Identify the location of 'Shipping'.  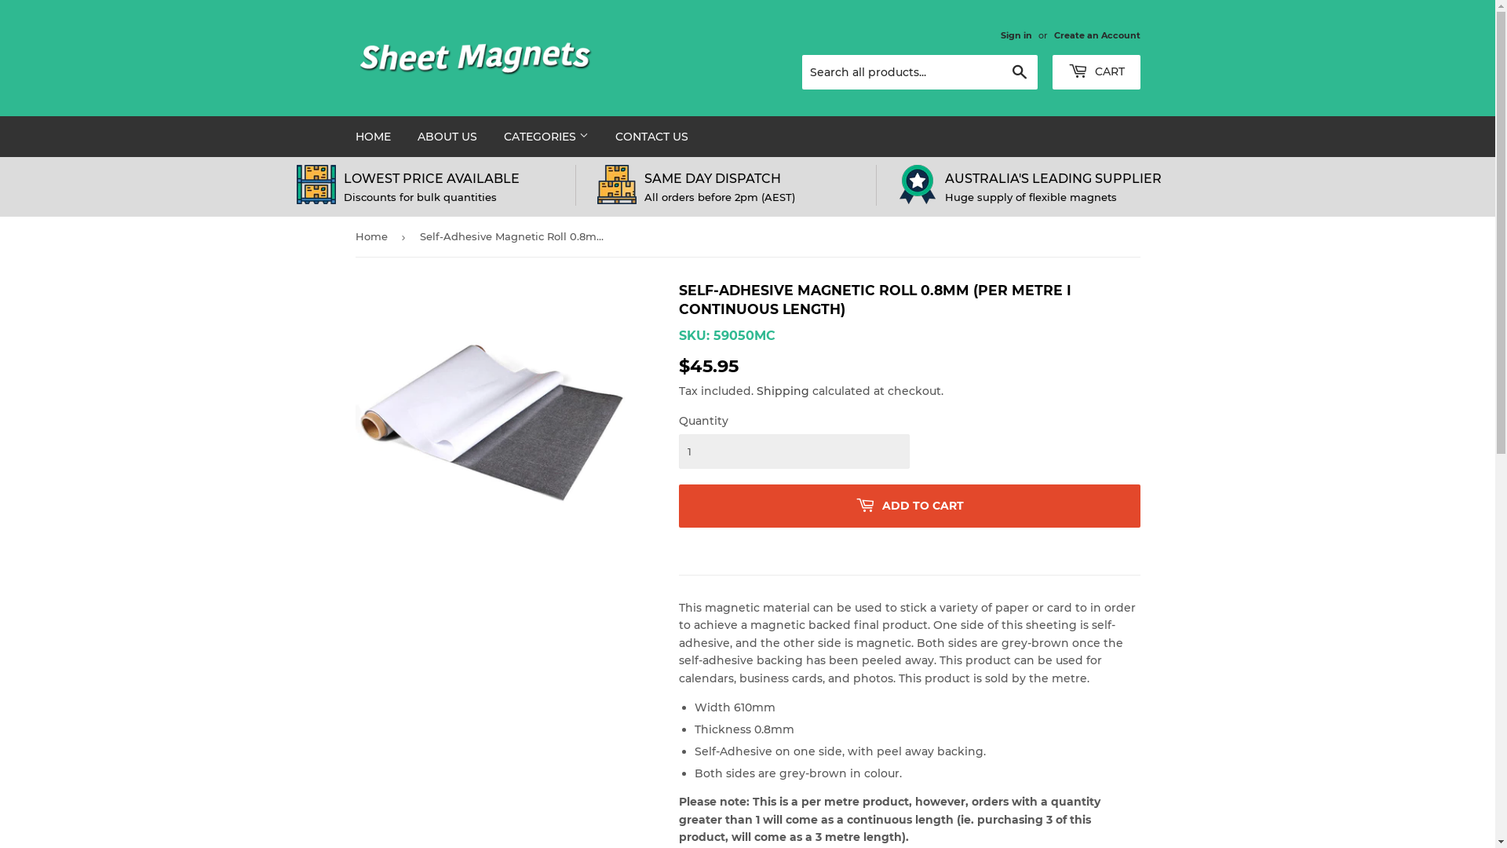
(757, 389).